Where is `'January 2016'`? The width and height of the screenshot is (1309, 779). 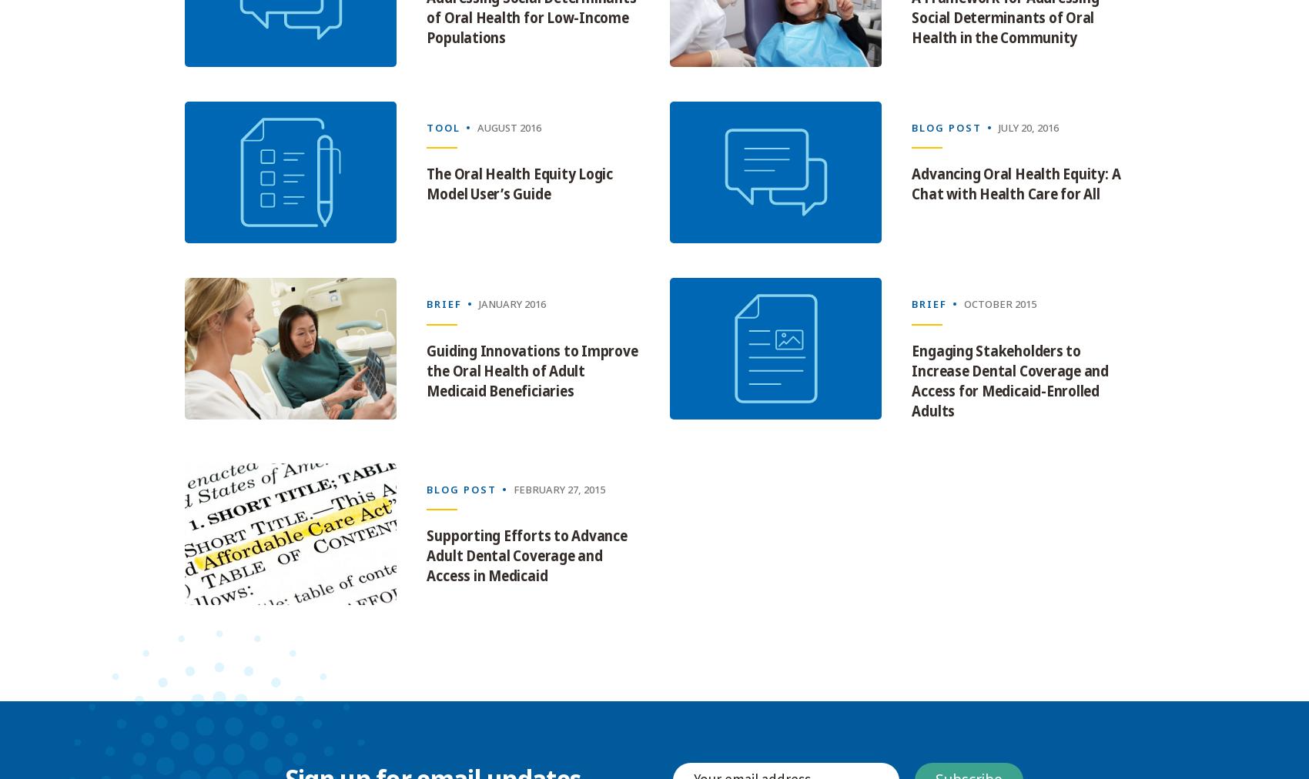
'January 2016' is located at coordinates (478, 303).